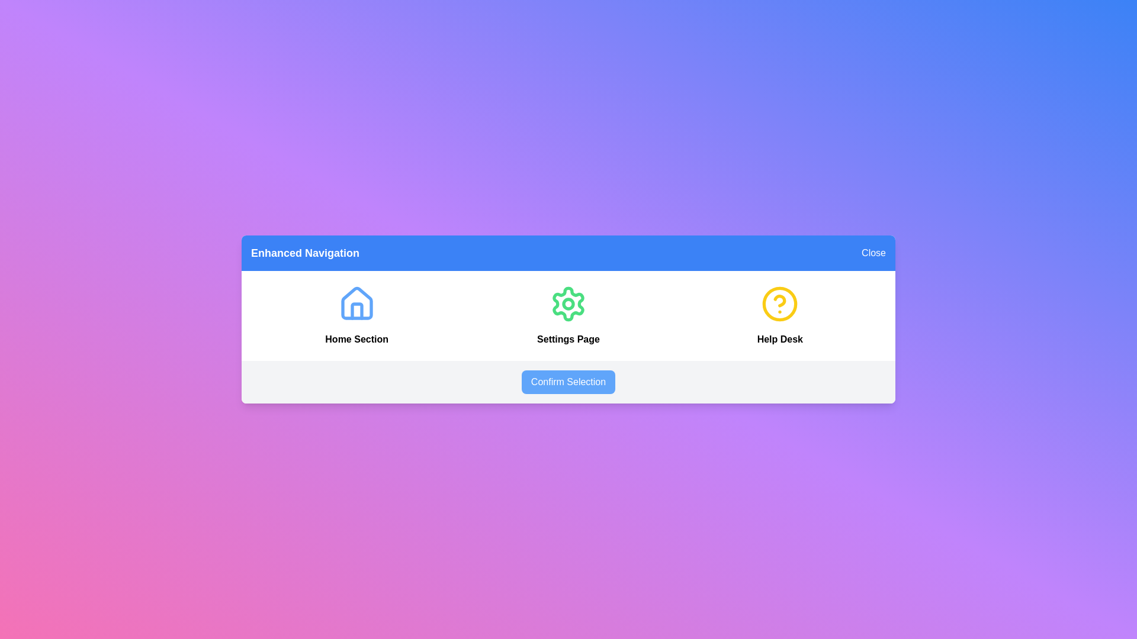 Image resolution: width=1137 pixels, height=639 pixels. I want to click on the 'Confirm Selection' button to confirm the current choice, so click(568, 382).